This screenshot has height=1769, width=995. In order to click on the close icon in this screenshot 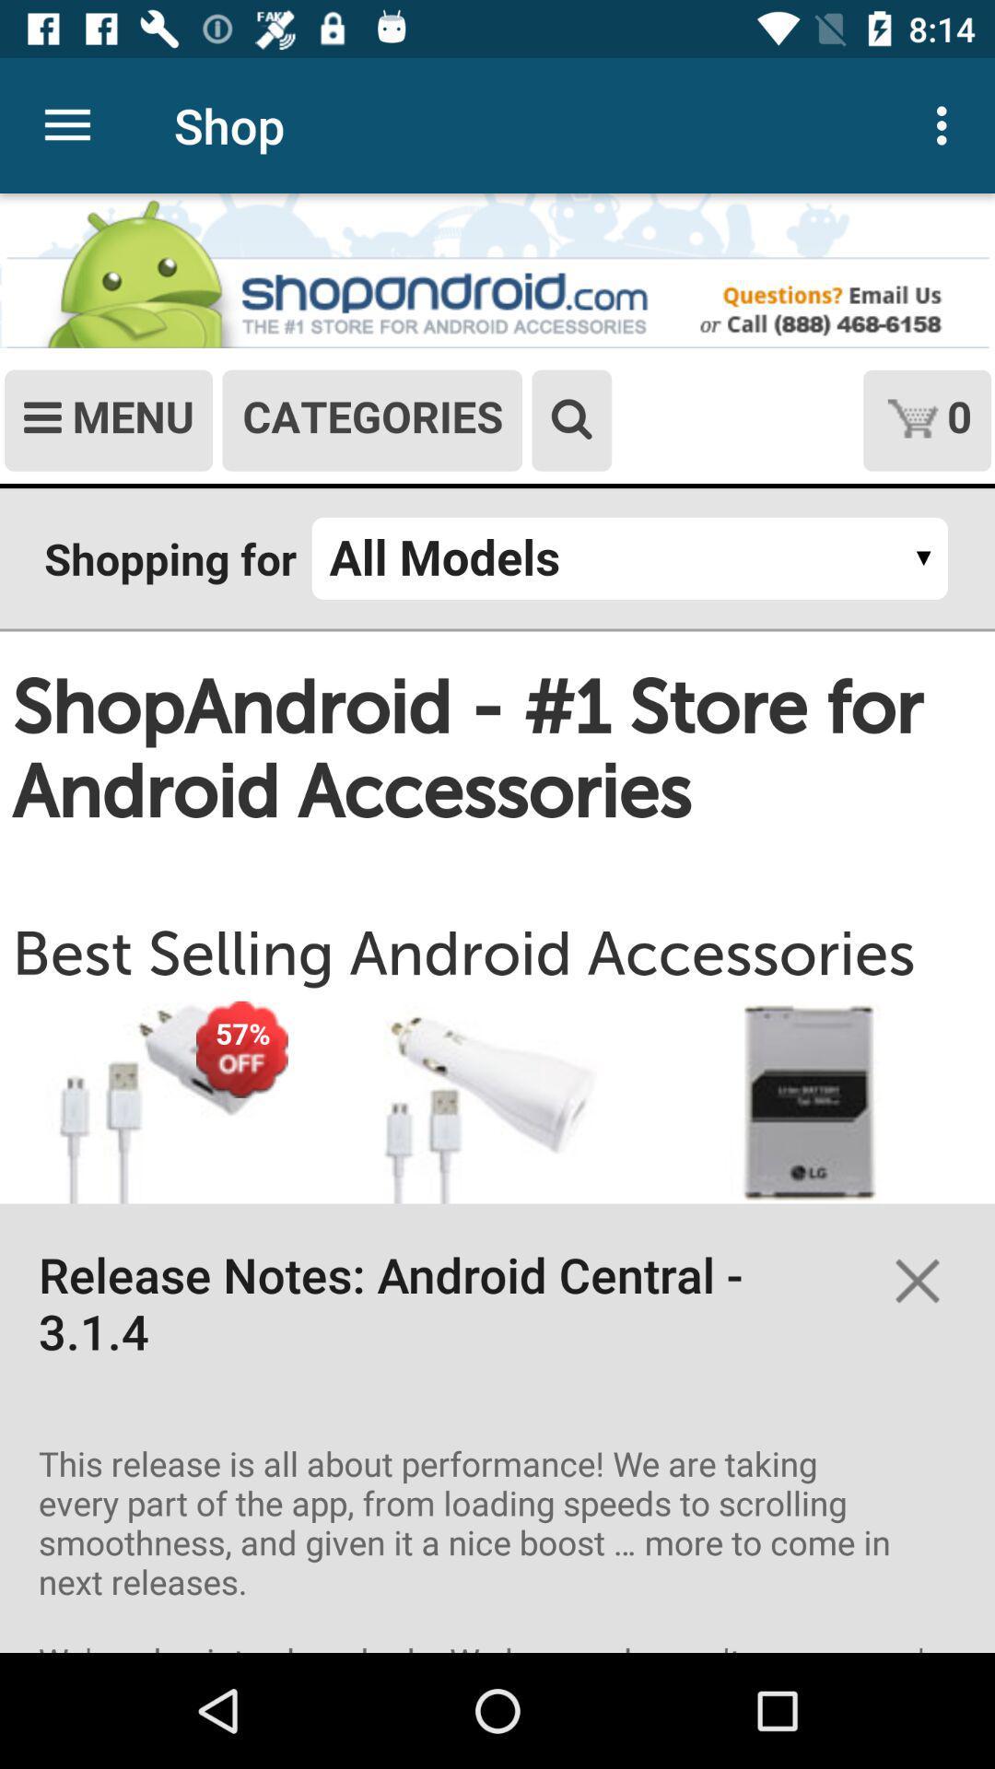, I will do `click(917, 1280)`.